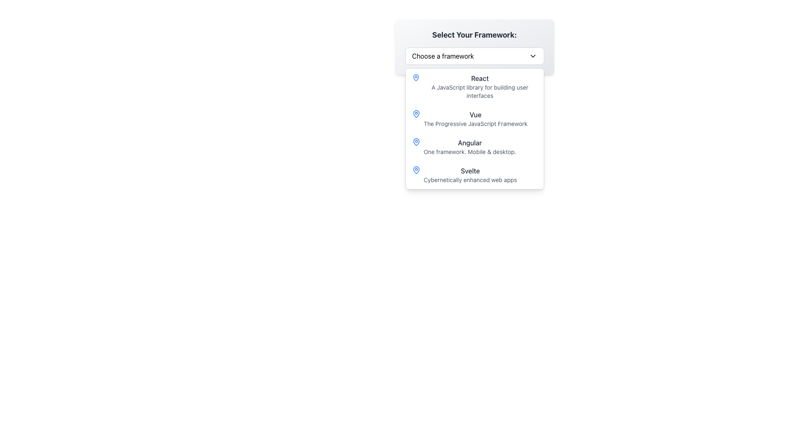 This screenshot has width=794, height=446. What do you see at coordinates (474, 129) in the screenshot?
I see `an option from the dropdown menu located below the 'Choose a framework' button by clicking on it` at bounding box center [474, 129].